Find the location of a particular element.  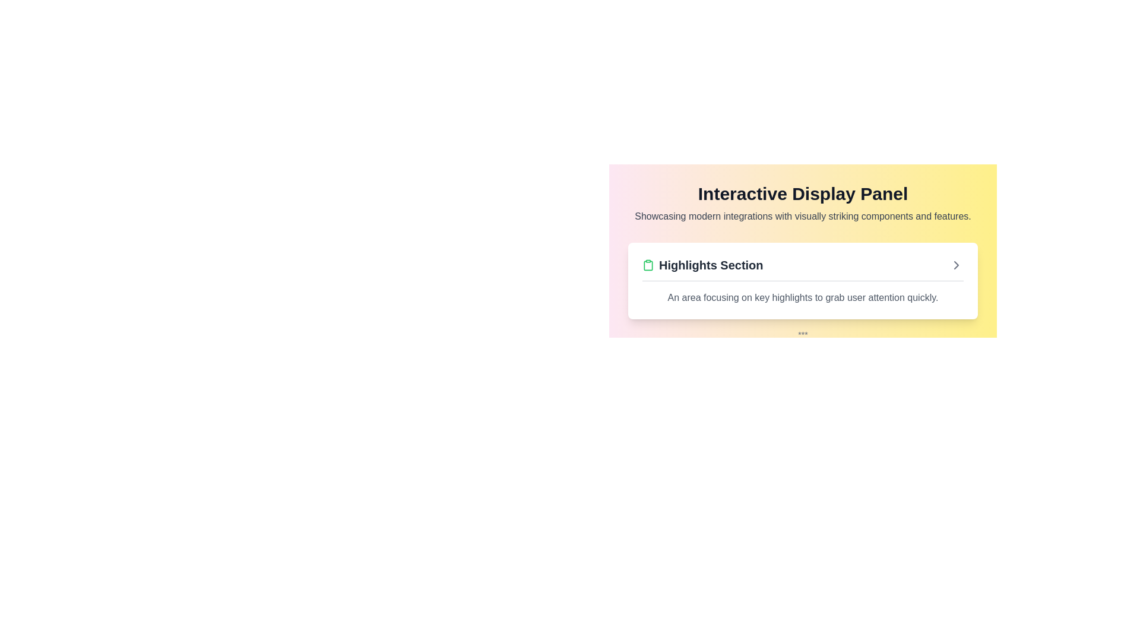

the header text that introduces and emphasizes the section content, located at the top of the rectangular section in the interface is located at coordinates (803, 193).